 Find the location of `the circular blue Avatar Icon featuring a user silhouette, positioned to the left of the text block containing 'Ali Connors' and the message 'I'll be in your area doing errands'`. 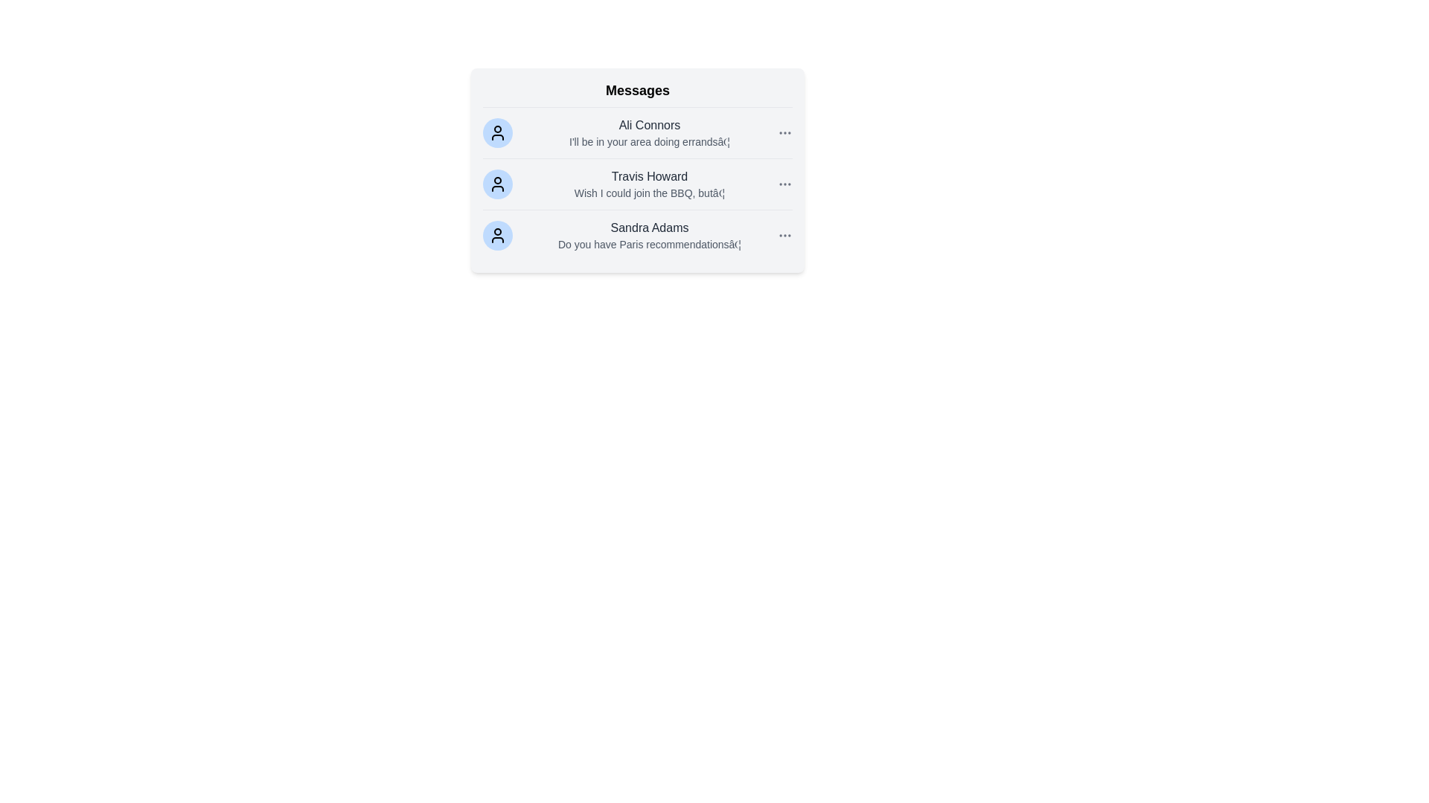

the circular blue Avatar Icon featuring a user silhouette, positioned to the left of the text block containing 'Ali Connors' and the message 'I'll be in your area doing errands' is located at coordinates (497, 132).